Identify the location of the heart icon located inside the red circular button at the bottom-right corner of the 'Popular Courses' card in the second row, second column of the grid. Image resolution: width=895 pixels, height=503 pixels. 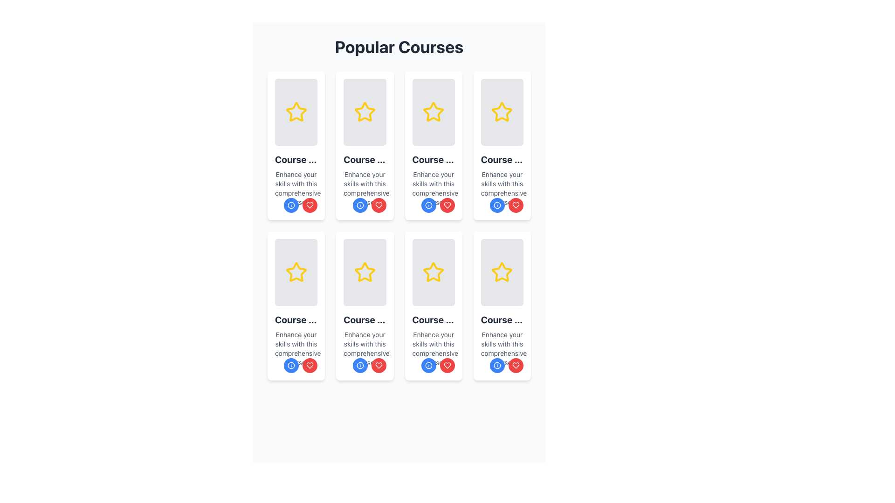
(310, 365).